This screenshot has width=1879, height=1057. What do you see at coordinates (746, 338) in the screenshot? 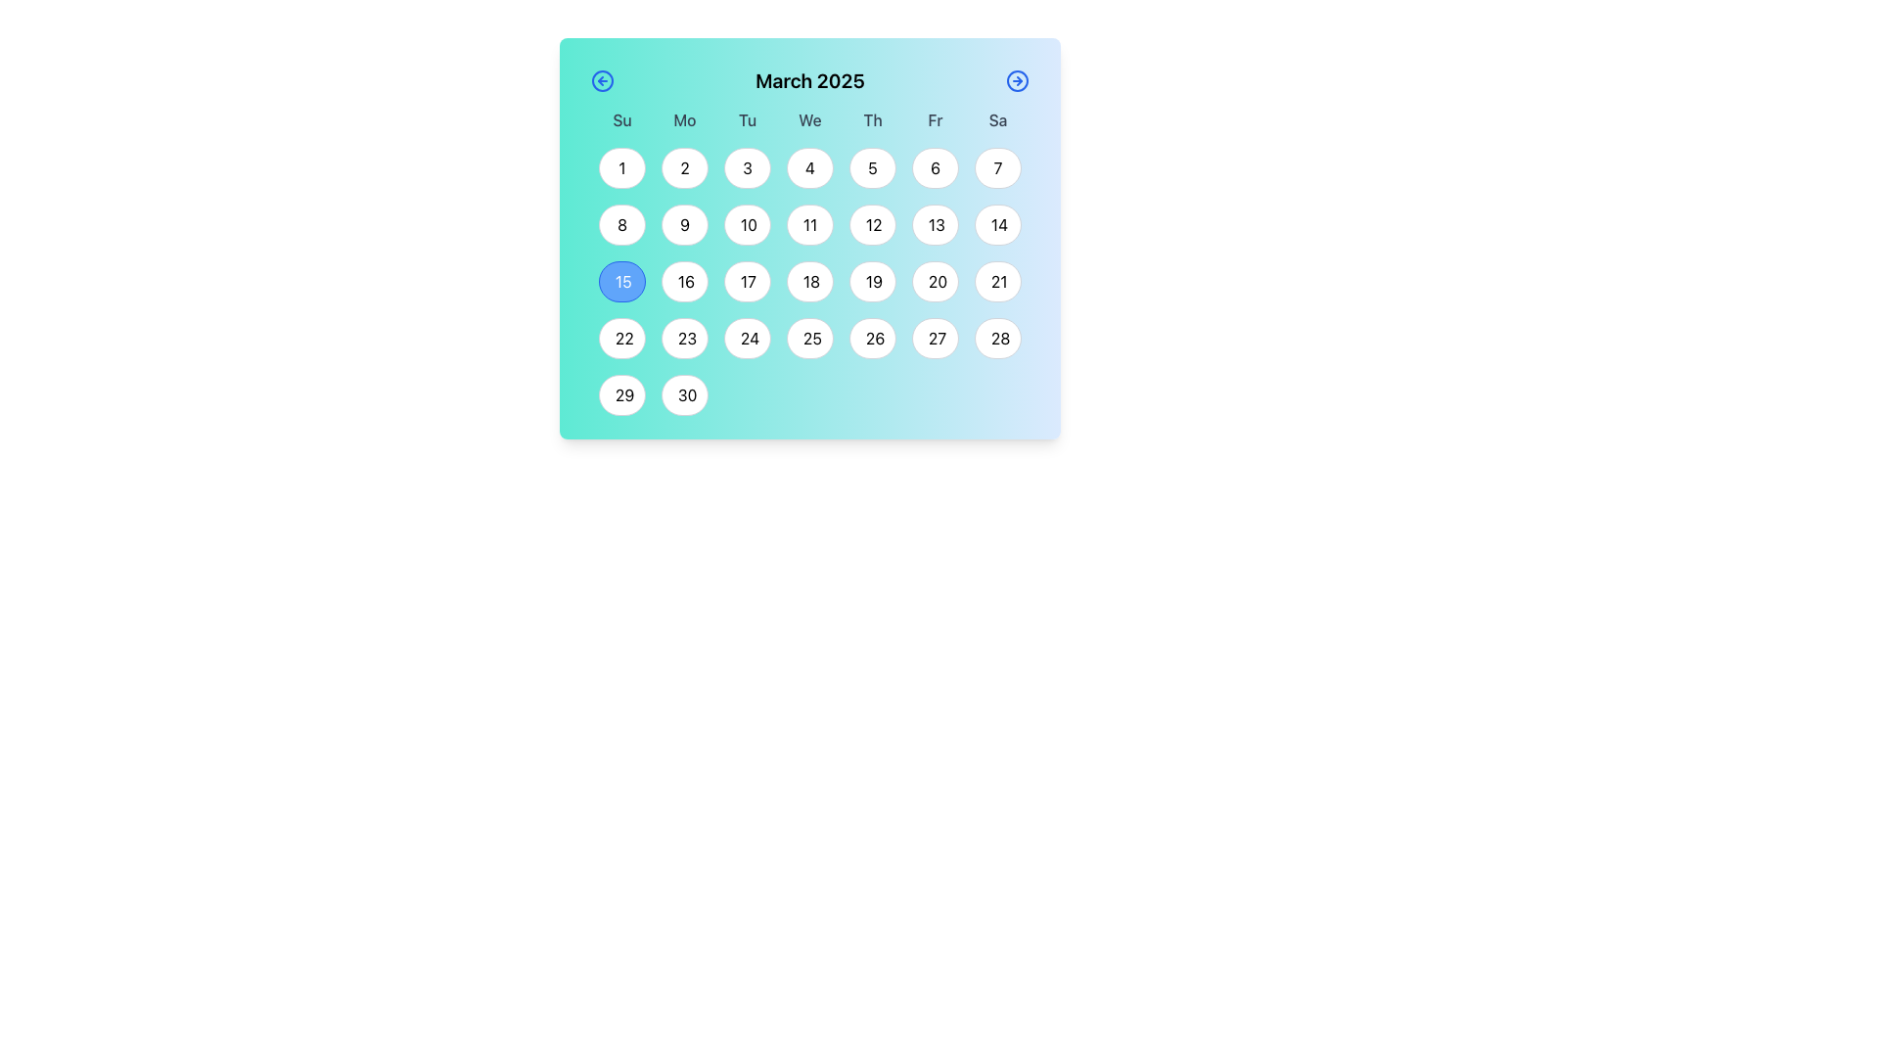
I see `the button representing the date '24' on the calendar` at bounding box center [746, 338].